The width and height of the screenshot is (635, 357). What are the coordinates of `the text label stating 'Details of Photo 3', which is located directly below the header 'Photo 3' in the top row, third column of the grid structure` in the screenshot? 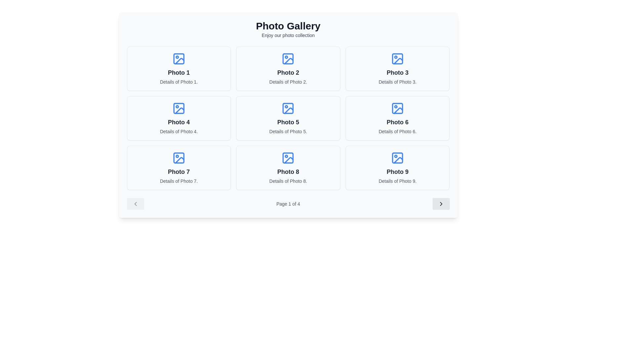 It's located at (397, 81).